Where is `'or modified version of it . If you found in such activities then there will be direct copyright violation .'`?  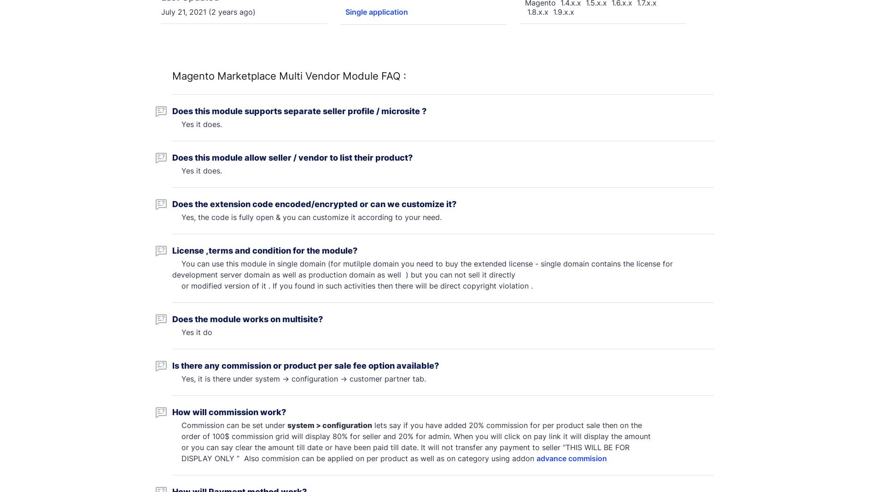 'or modified version of it . If you found in such activities then there will be direct copyright violation .' is located at coordinates (353, 285).